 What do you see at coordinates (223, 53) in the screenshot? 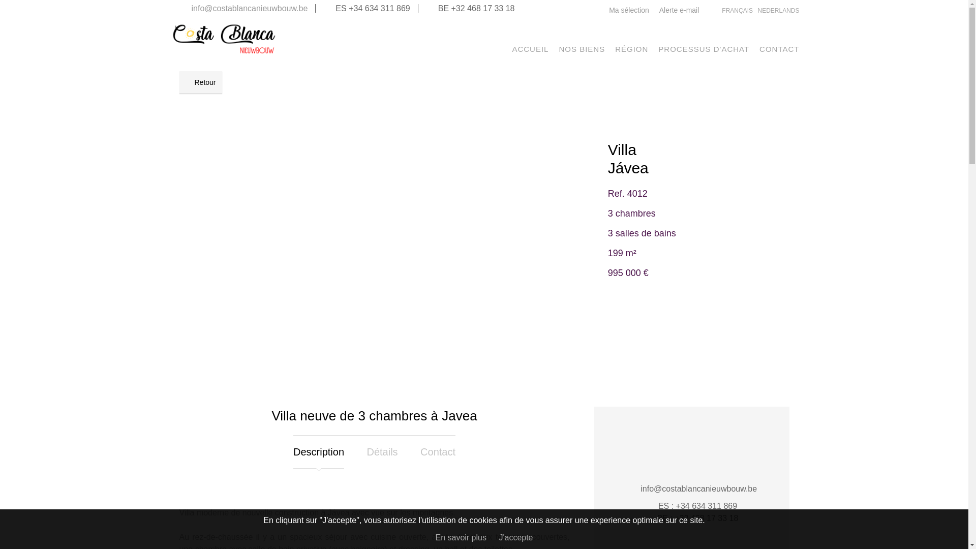
I see `'LT Property - Costa Blanca'` at bounding box center [223, 53].